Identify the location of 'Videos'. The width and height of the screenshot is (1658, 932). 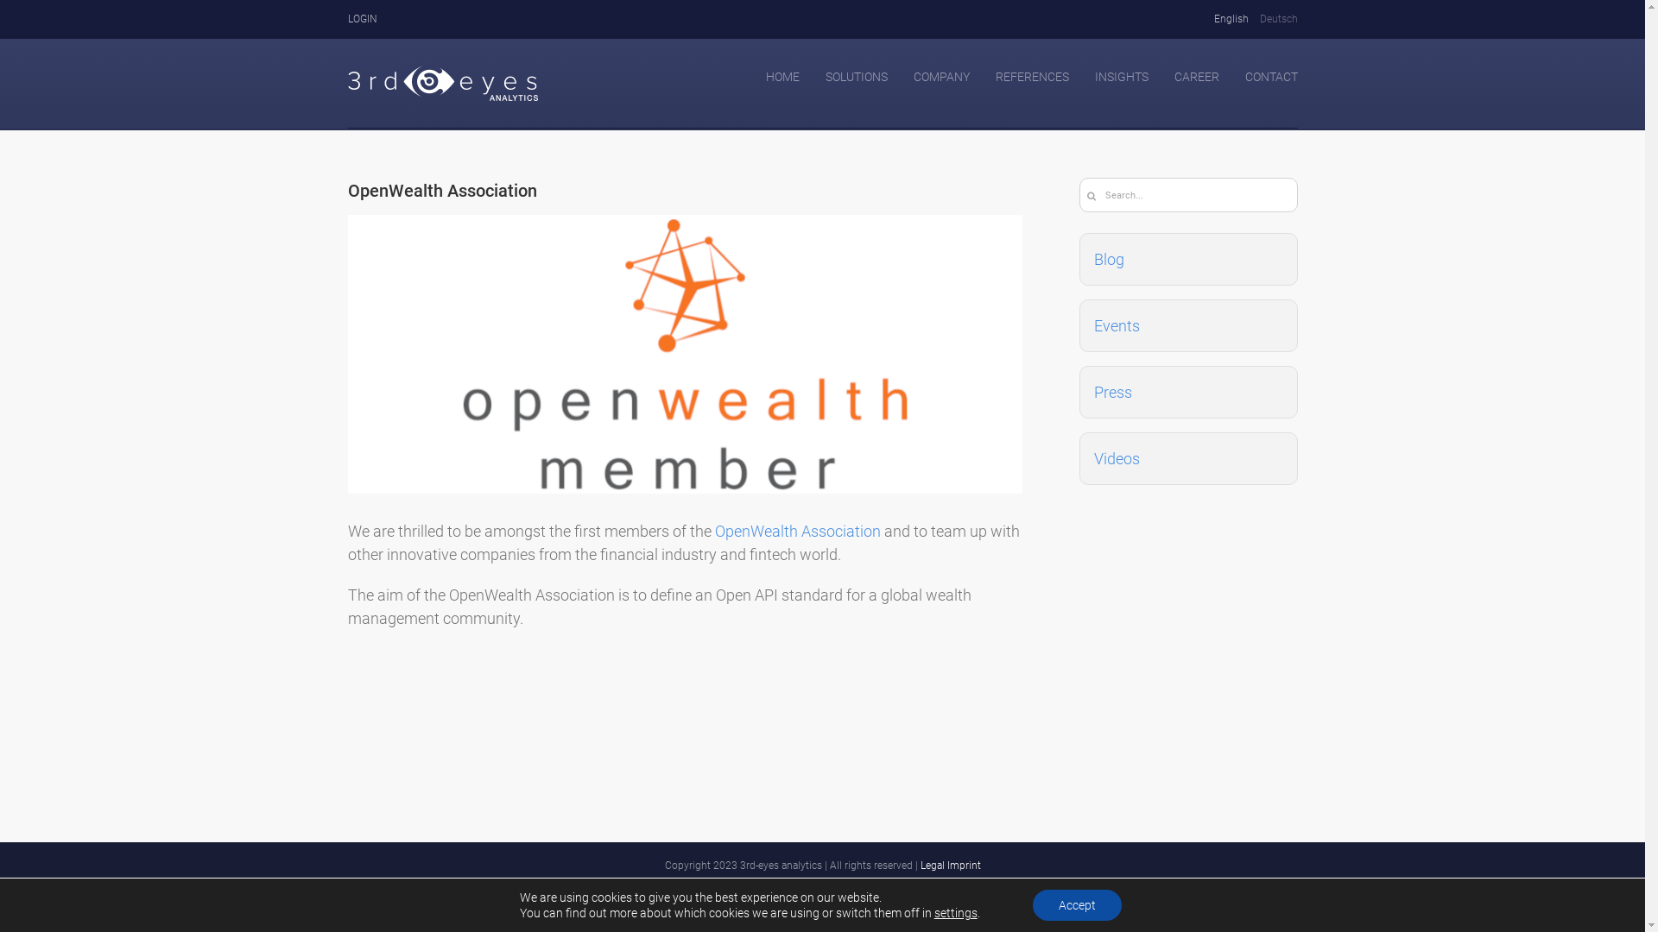
(1116, 457).